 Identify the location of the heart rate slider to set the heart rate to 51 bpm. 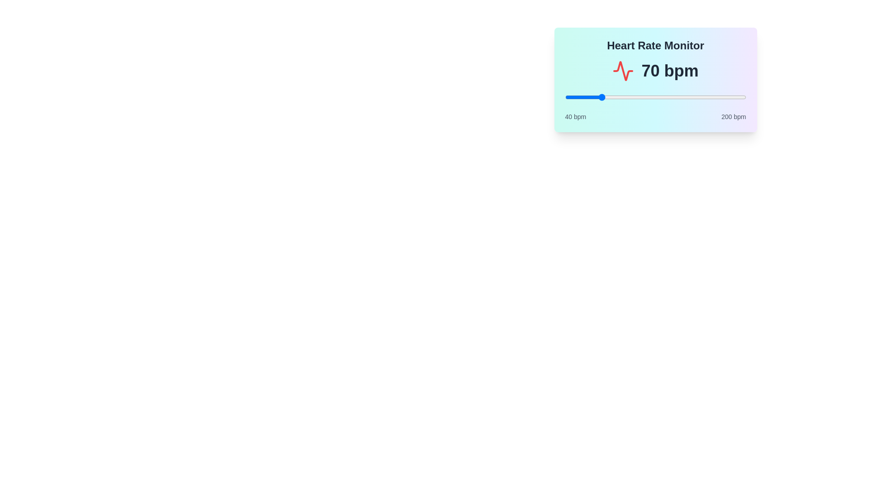
(577, 97).